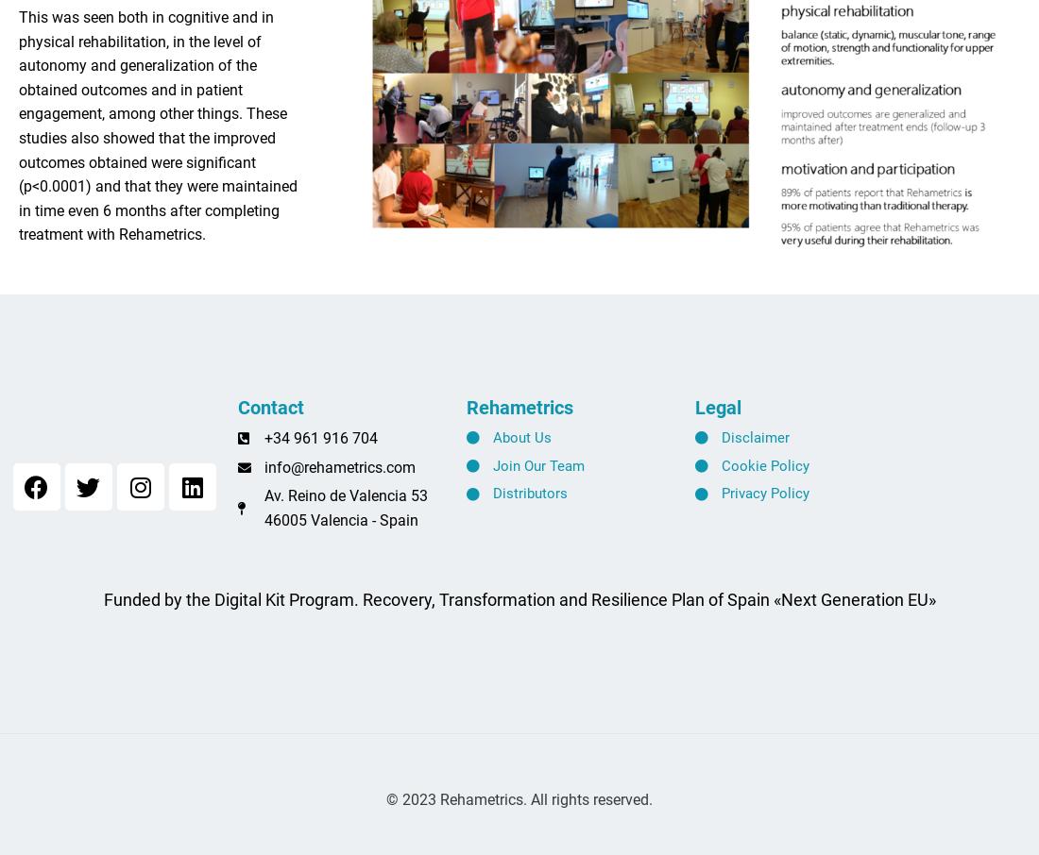 The width and height of the screenshot is (1039, 855). Describe the element at coordinates (519, 806) in the screenshot. I see `'© 2023 Rehametrics. All rights reserved.'` at that location.